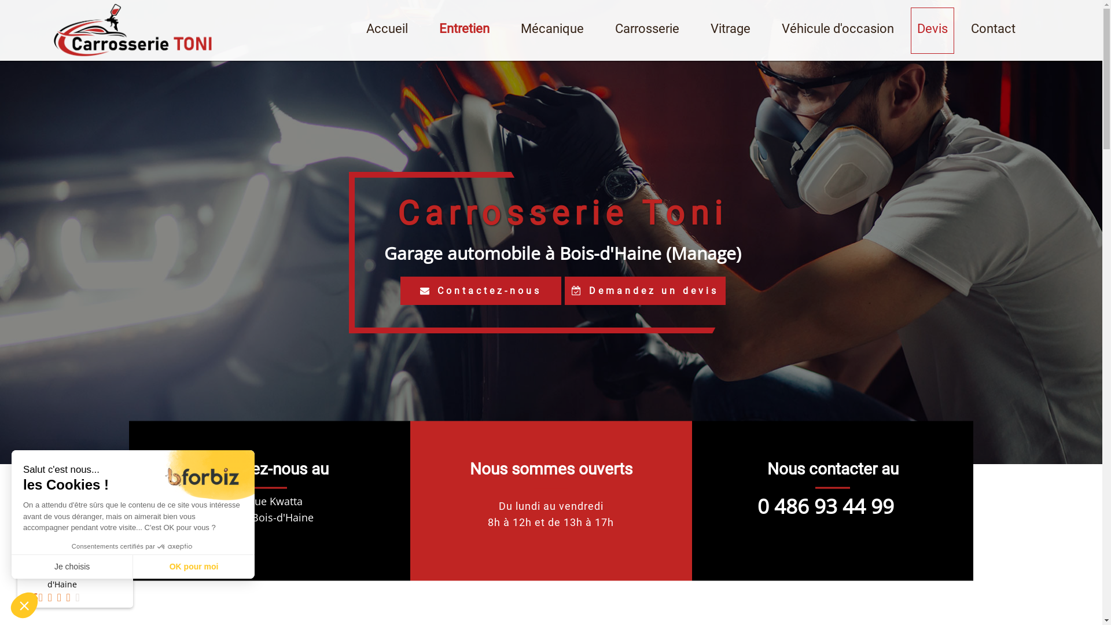 Image resolution: width=1111 pixels, height=625 pixels. What do you see at coordinates (992, 29) in the screenshot?
I see `'Contact'` at bounding box center [992, 29].